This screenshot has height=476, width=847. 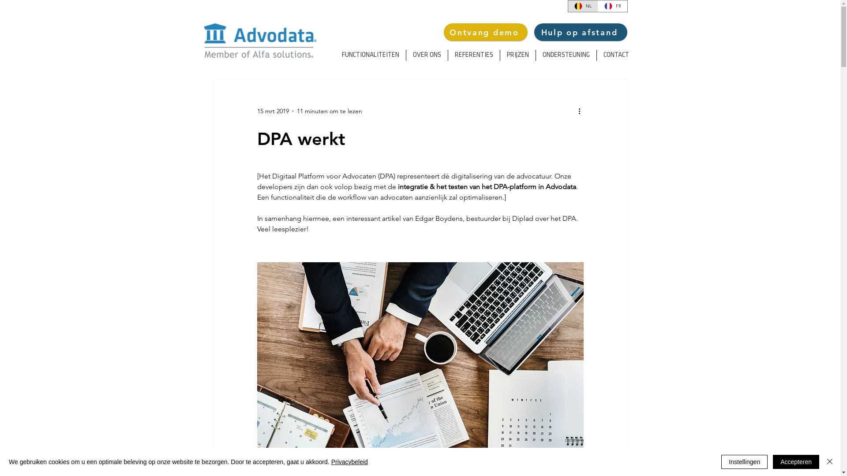 What do you see at coordinates (611, 6) in the screenshot?
I see `'FR'` at bounding box center [611, 6].